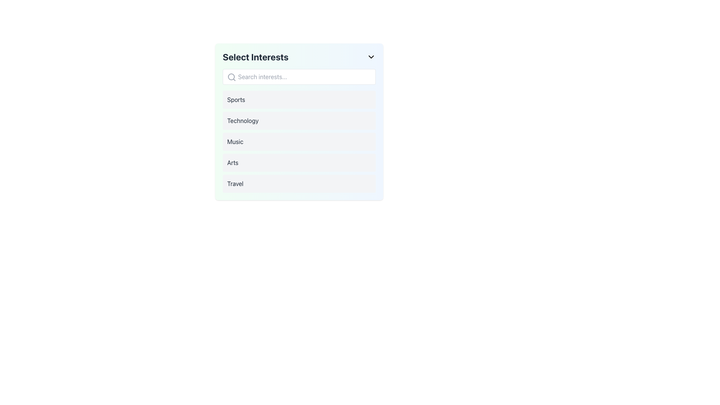  I want to click on the Chevron Icon located at the far right of the 'Select Interests' header, so click(371, 56).